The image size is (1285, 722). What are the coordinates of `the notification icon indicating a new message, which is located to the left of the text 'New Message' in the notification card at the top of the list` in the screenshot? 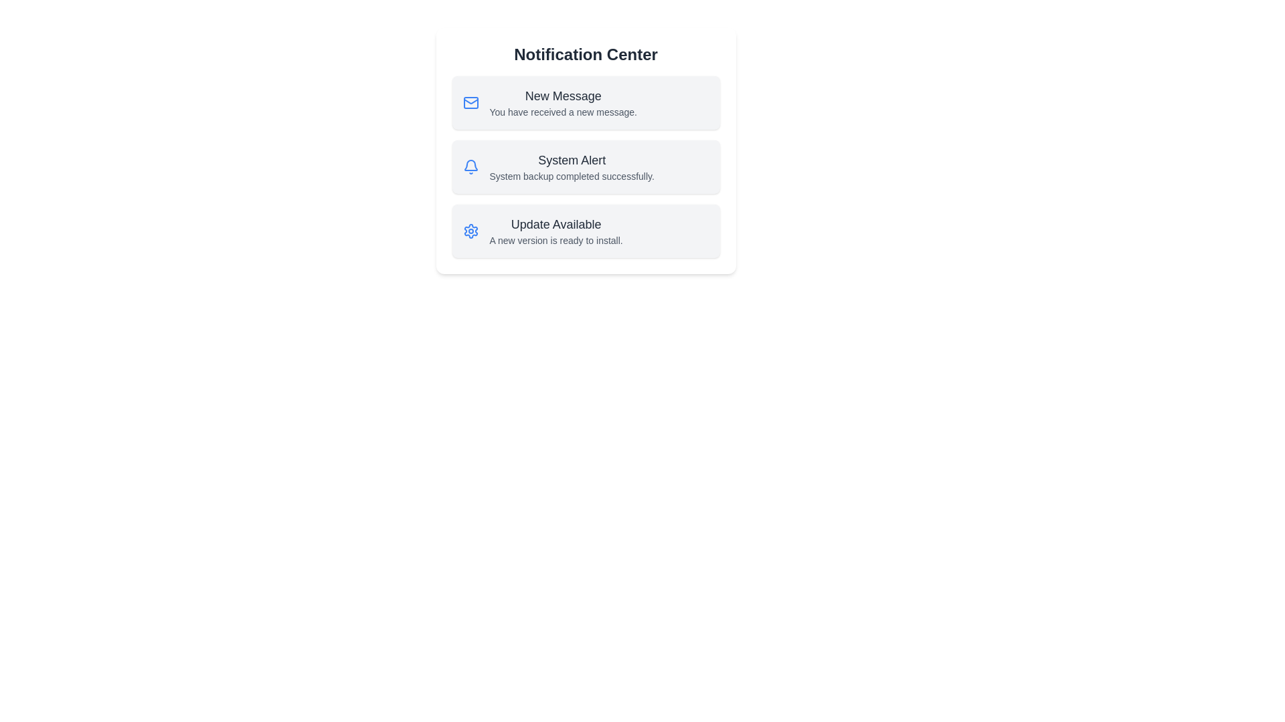 It's located at (470, 102).